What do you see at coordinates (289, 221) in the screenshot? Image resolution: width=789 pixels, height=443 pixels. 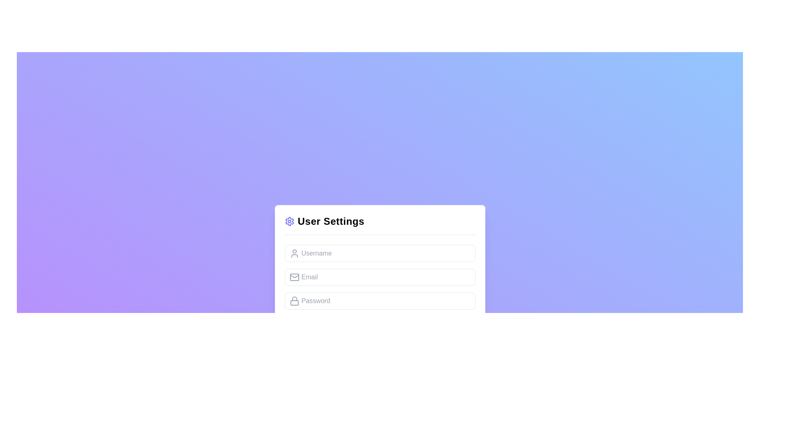 I see `the settings icon, which is a blue gear-shaped icon located to the left of the 'User Settings' title text, positioned at the top-left corner of the 'User Settings' section` at bounding box center [289, 221].